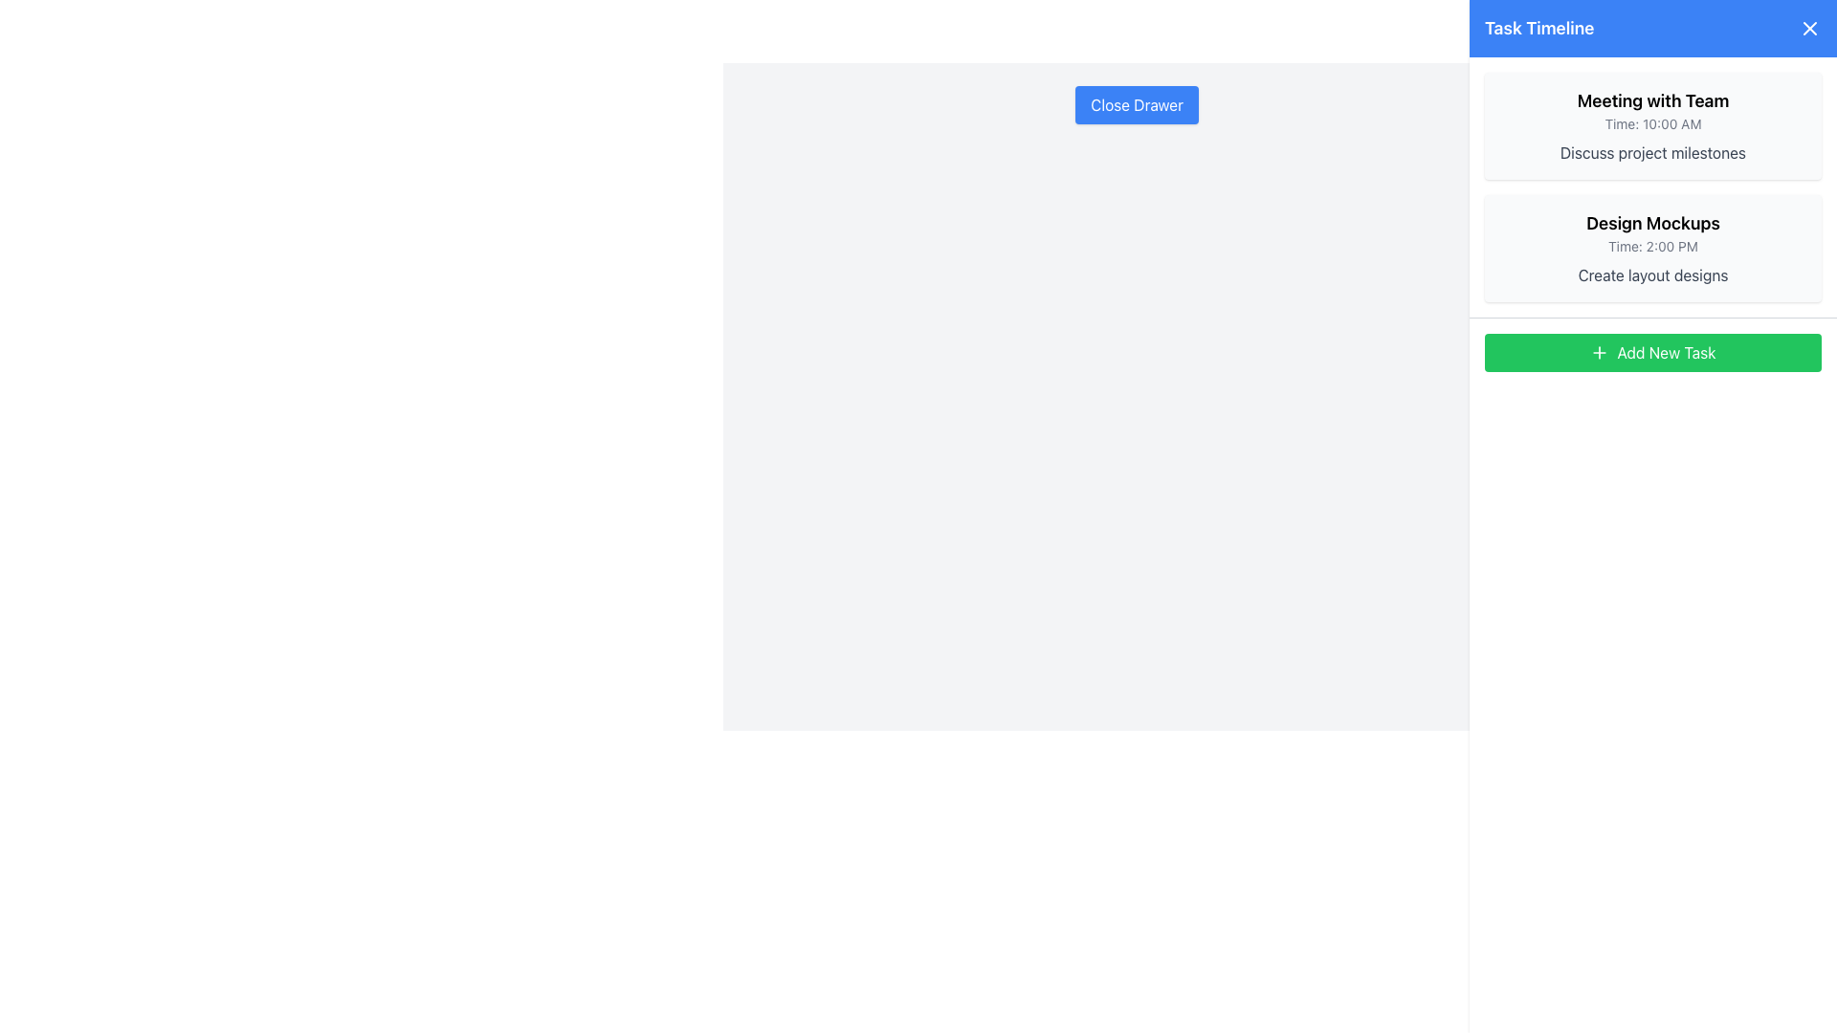 This screenshot has width=1837, height=1033. Describe the element at coordinates (1808, 29) in the screenshot. I see `the minimalistic close icon (styled as a white 'X' on a blue background) located in the top-right corner of the 'Task Timeline' header bar` at that location.